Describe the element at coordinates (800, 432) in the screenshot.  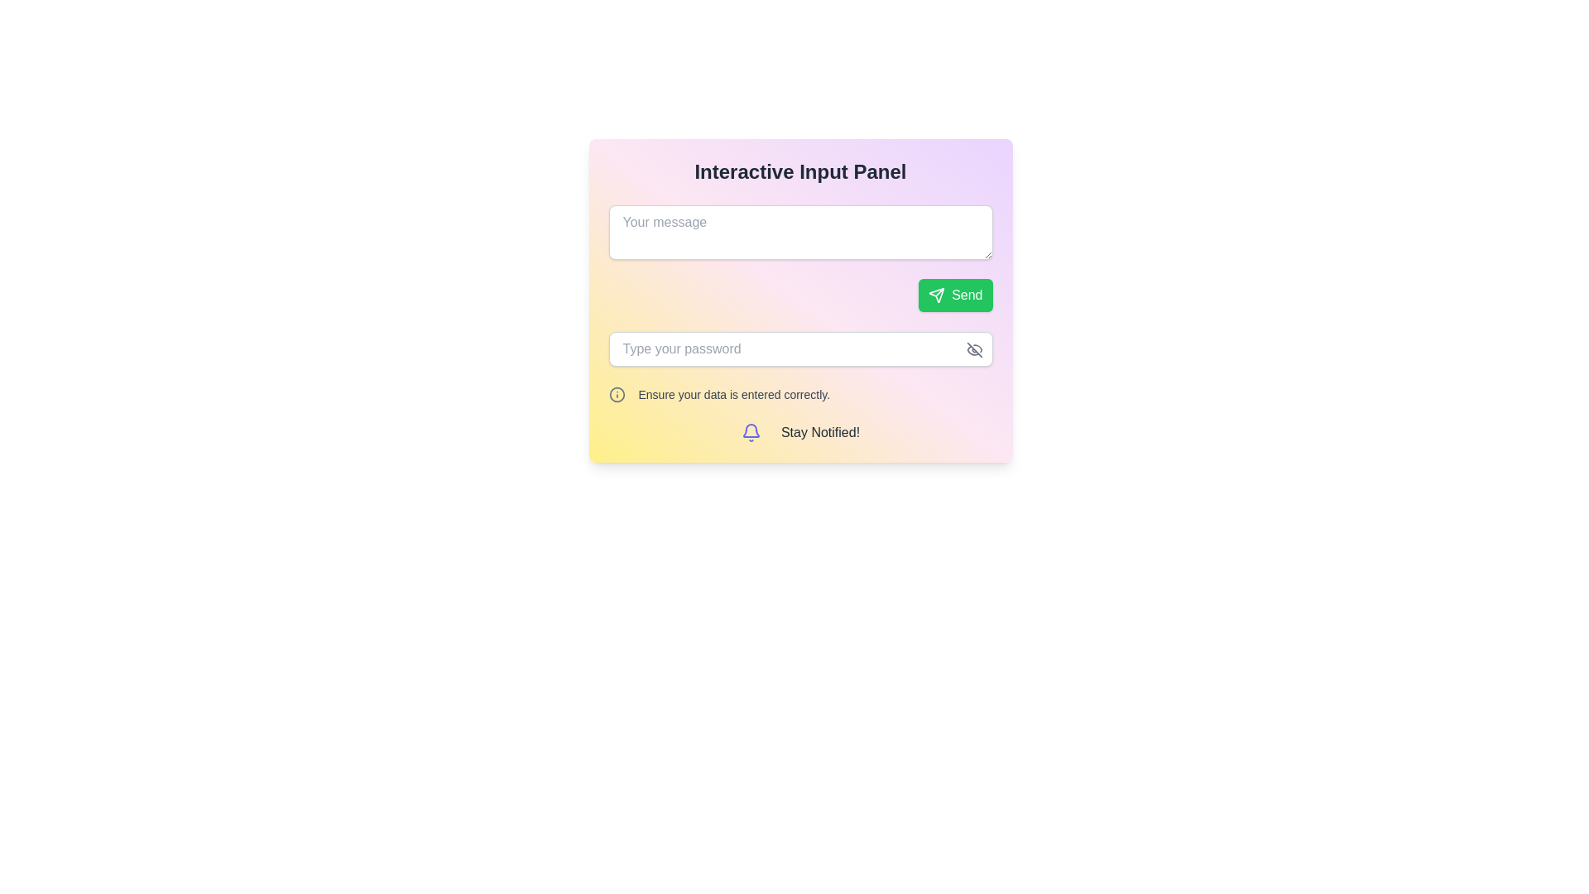
I see `the notification label located in the bottom section of the 'Interactive Input Panel', which is centered horizontally and positioned just above the lower border of the panel` at that location.